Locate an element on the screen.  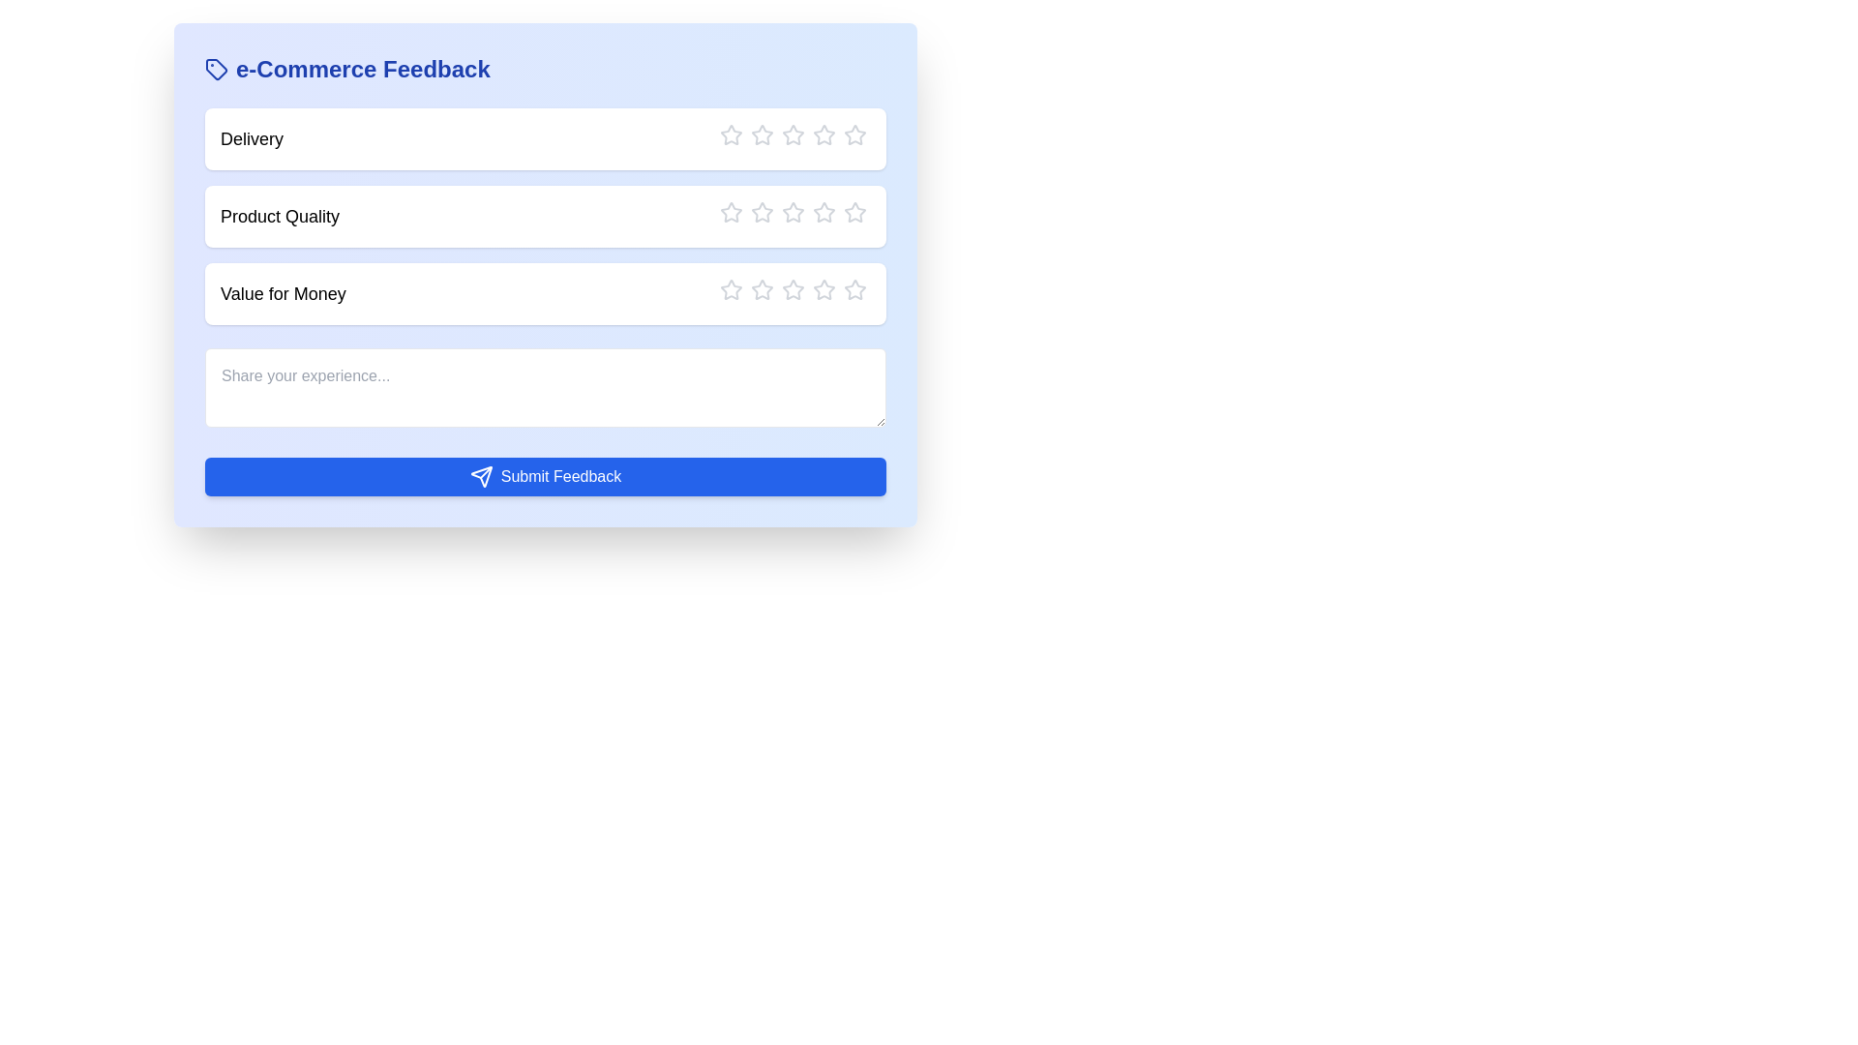
the rating to 5 stars by clicking the corresponding star is located at coordinates (854, 134).